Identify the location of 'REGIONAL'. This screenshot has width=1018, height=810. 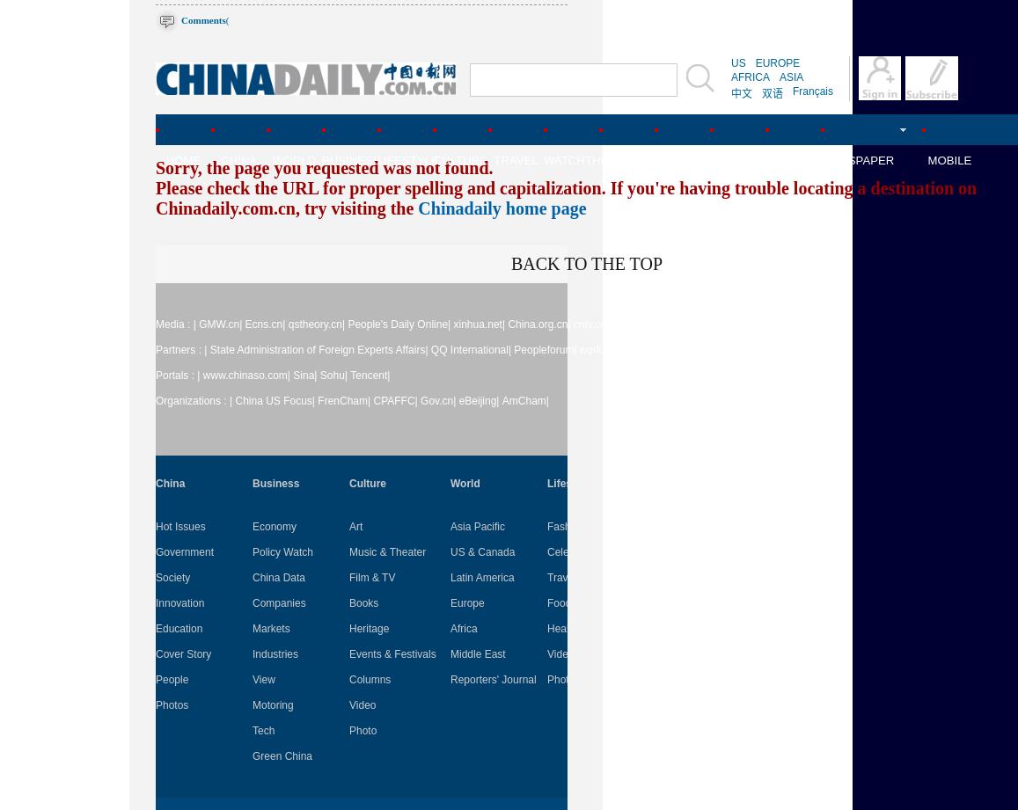
(740, 159).